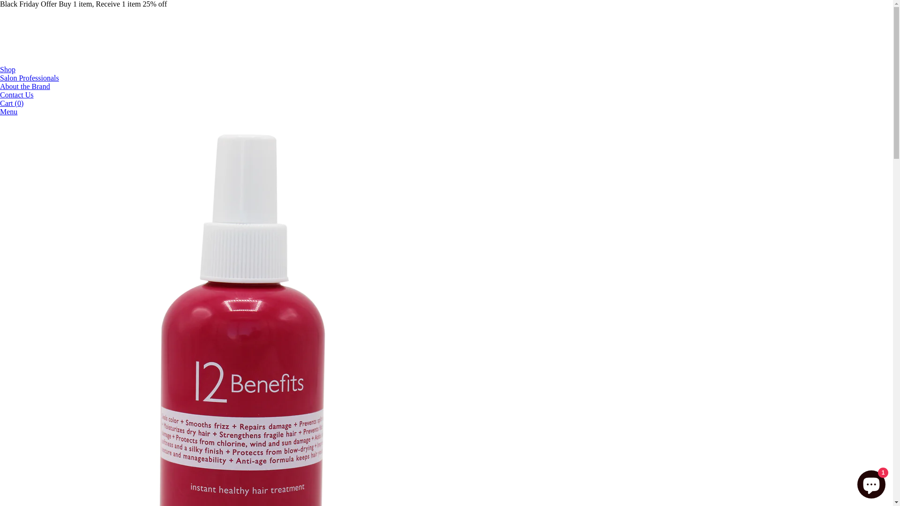  Describe the element at coordinates (870, 482) in the screenshot. I see `'Shopify online store chat'` at that location.